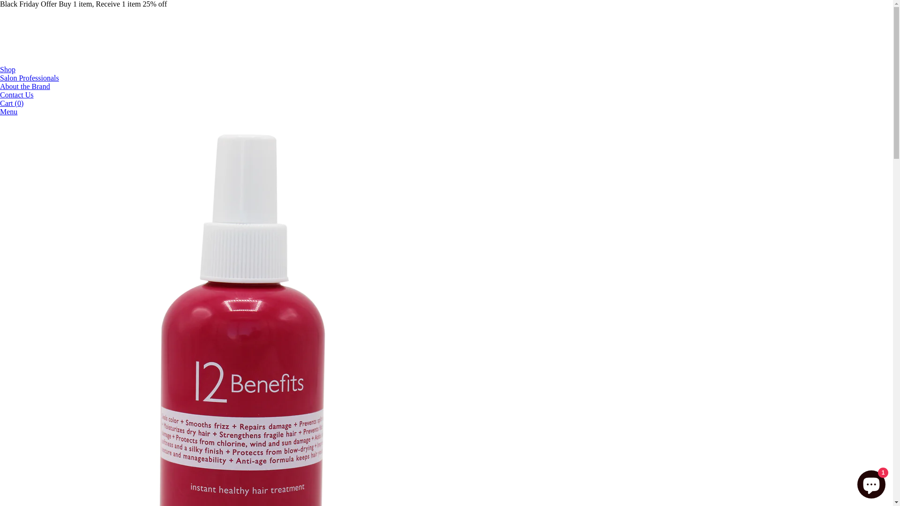  Describe the element at coordinates (870, 482) in the screenshot. I see `'Shopify online store chat'` at that location.